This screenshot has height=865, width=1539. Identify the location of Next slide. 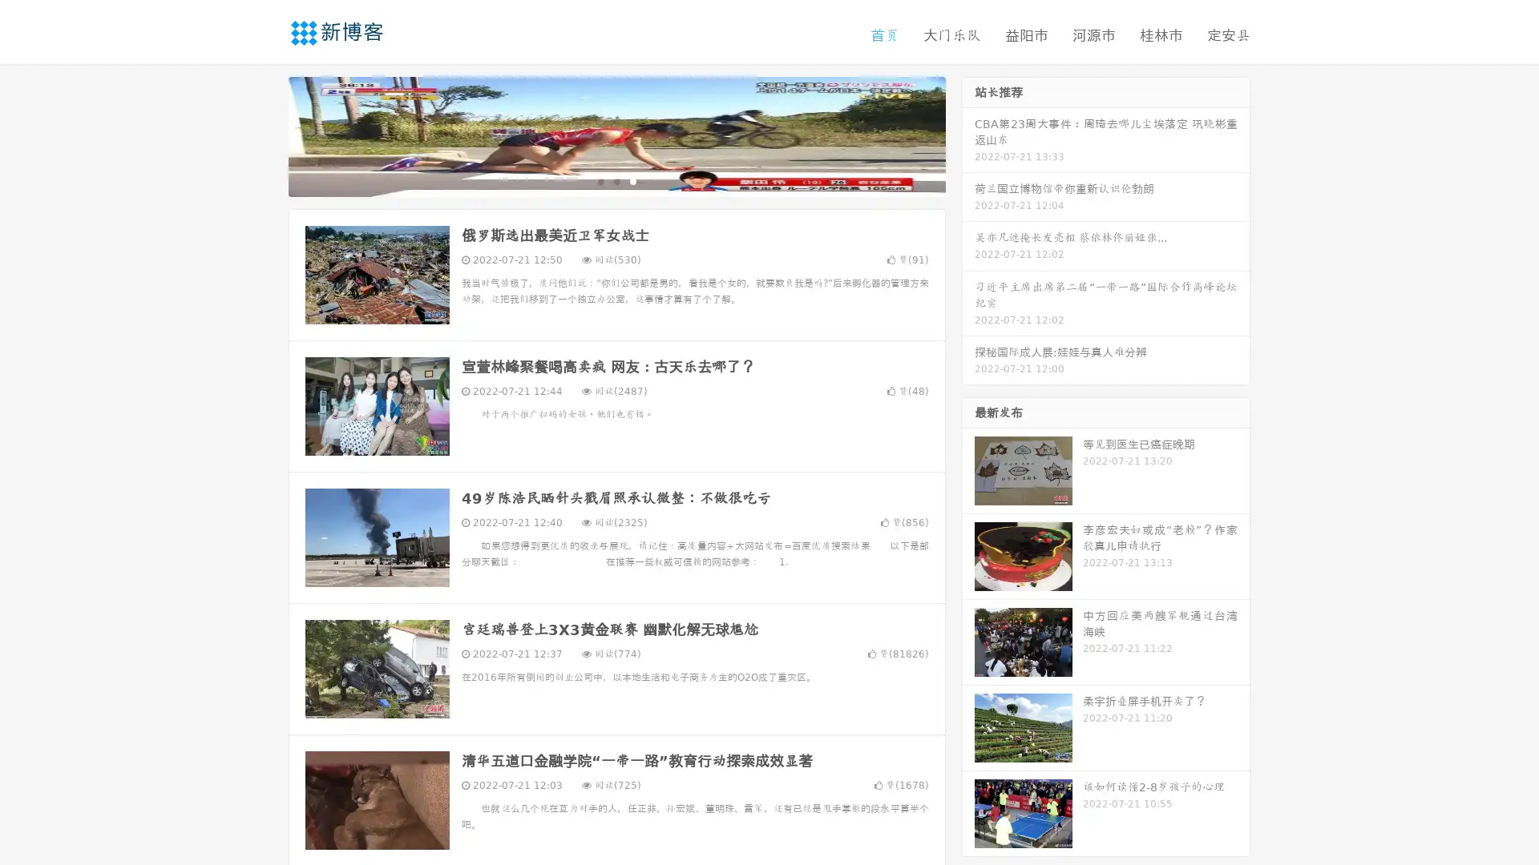
(968, 135).